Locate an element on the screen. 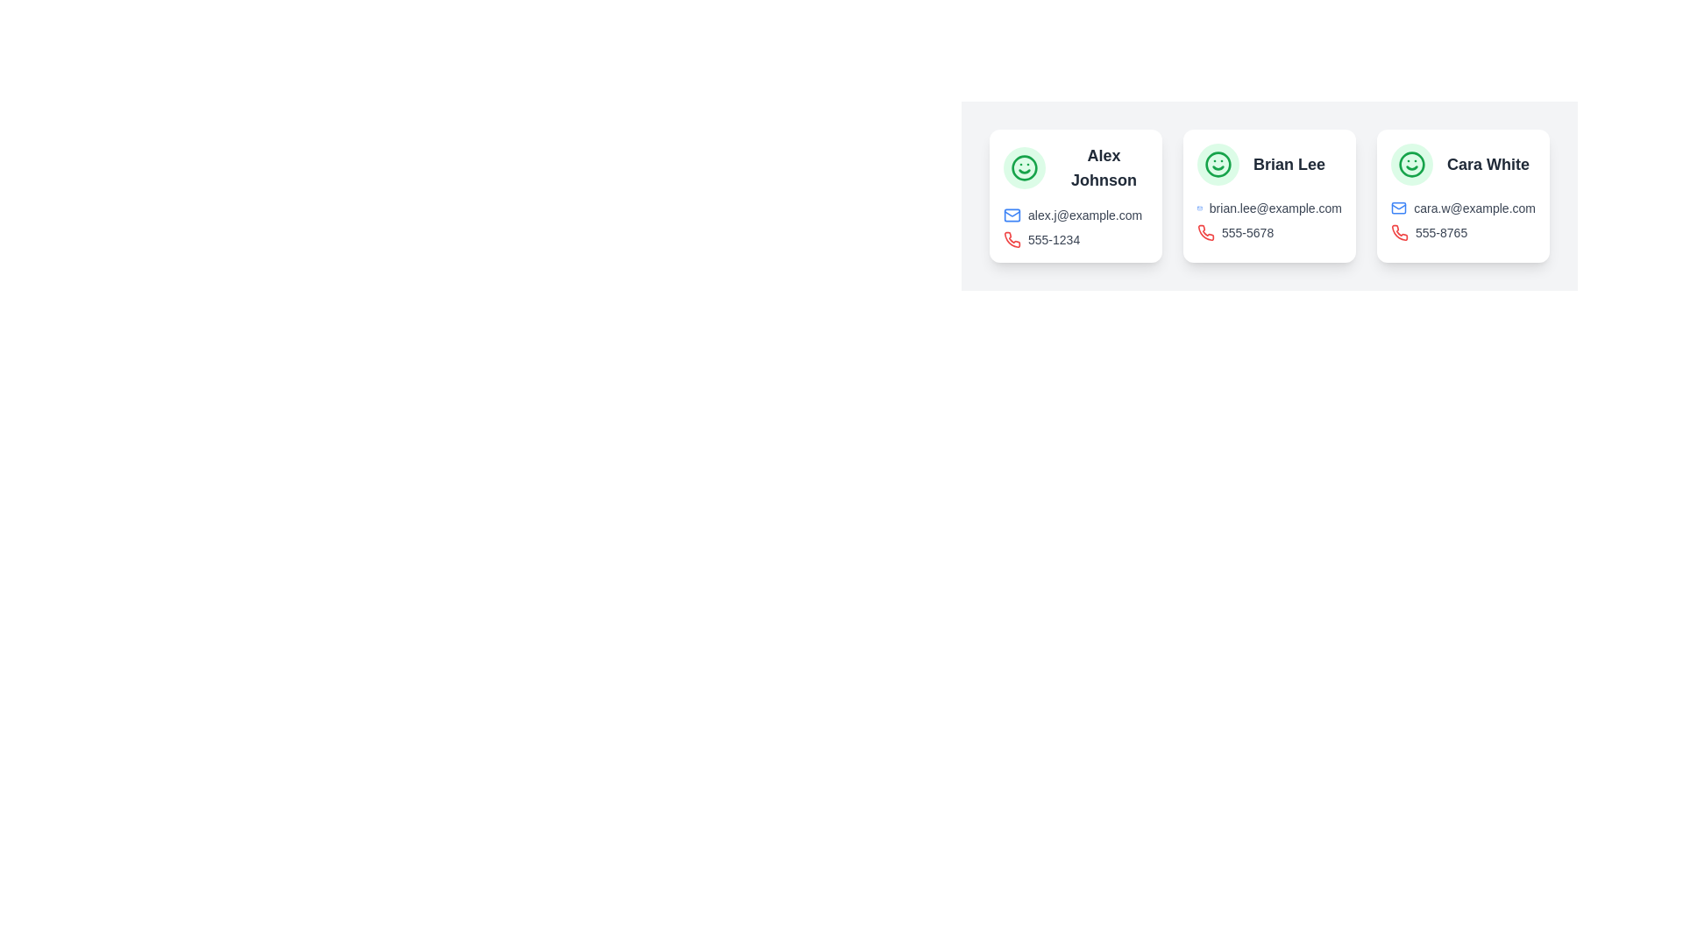  email address displayed in the text label showing 'brian.lee@example.com', which is located beneath the name 'Brian Lee' and above the phone number '555-5678' is located at coordinates (1269, 208).